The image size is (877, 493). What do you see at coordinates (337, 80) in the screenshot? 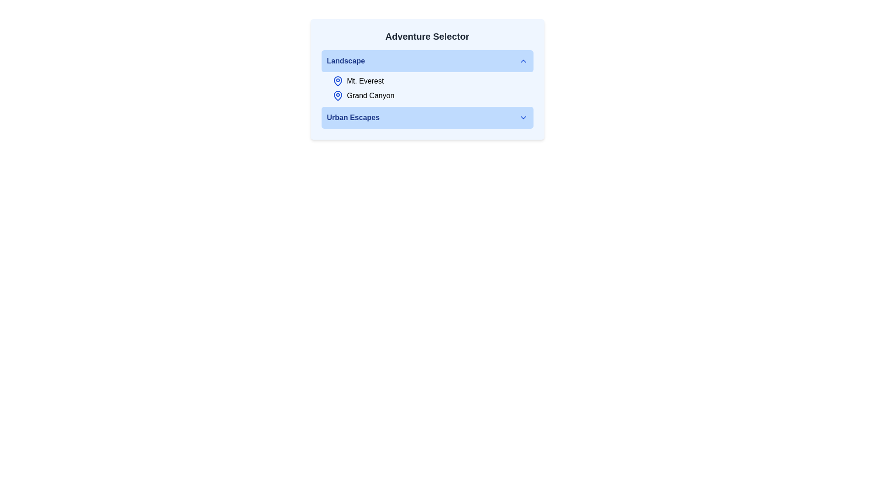
I see `the geographical location icon located to the left of the text 'Mt. Everest' in the 'Landscape' section` at bounding box center [337, 80].